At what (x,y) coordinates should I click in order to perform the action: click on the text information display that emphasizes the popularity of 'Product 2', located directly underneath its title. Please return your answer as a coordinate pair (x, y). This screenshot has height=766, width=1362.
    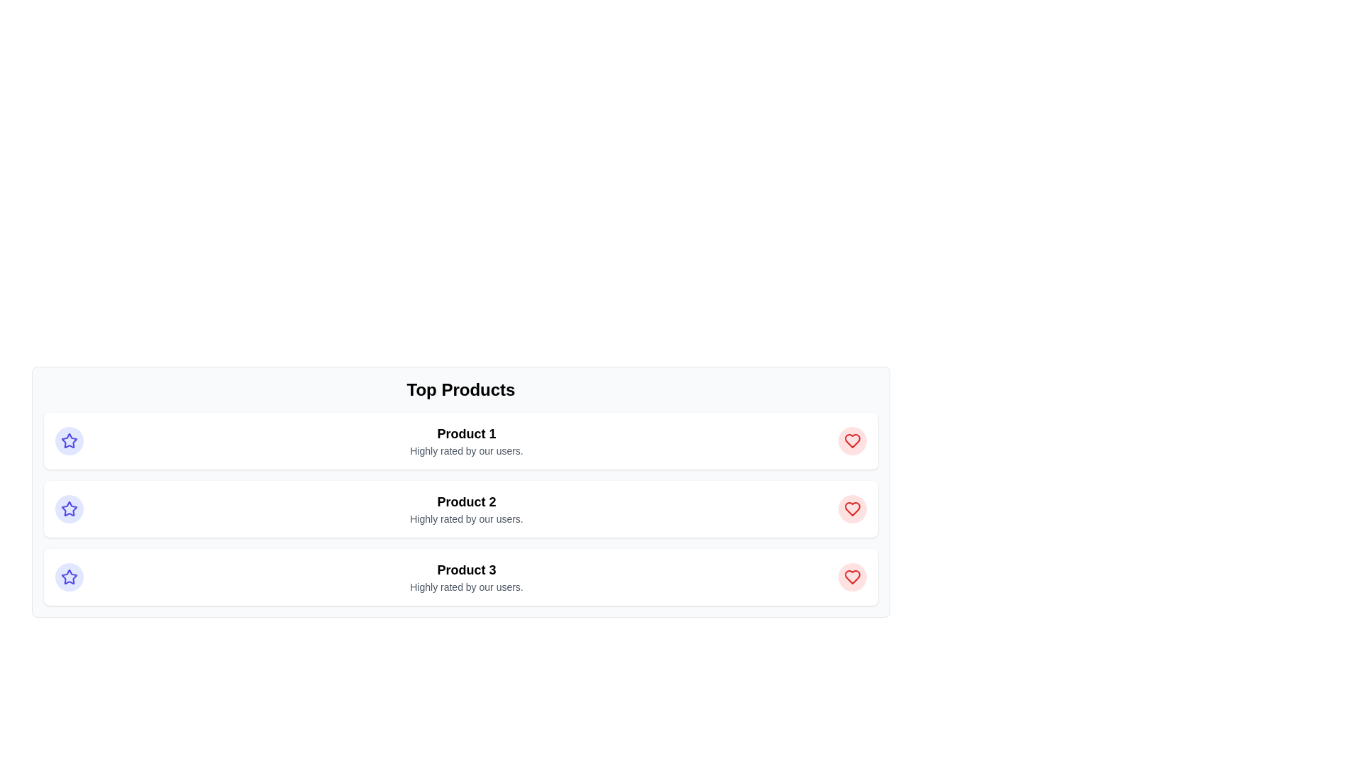
    Looking at the image, I should click on (466, 519).